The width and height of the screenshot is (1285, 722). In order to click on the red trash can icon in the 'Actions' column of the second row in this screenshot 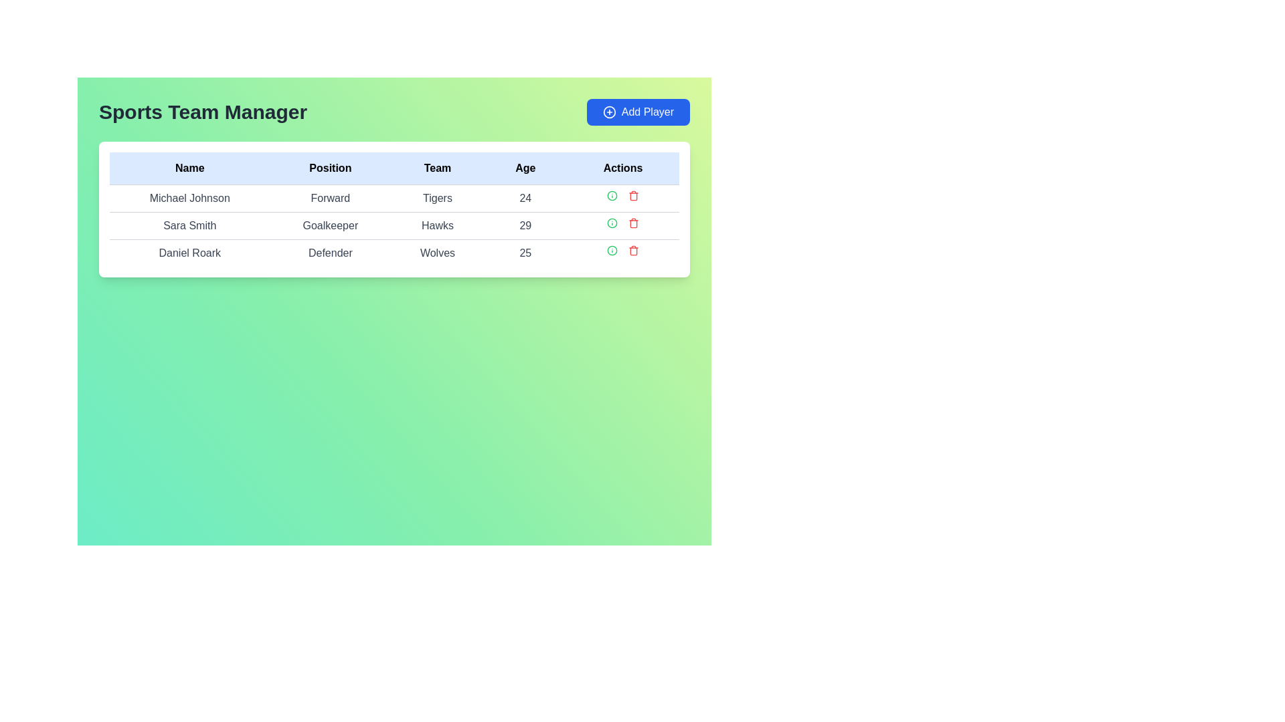, I will do `click(632, 223)`.